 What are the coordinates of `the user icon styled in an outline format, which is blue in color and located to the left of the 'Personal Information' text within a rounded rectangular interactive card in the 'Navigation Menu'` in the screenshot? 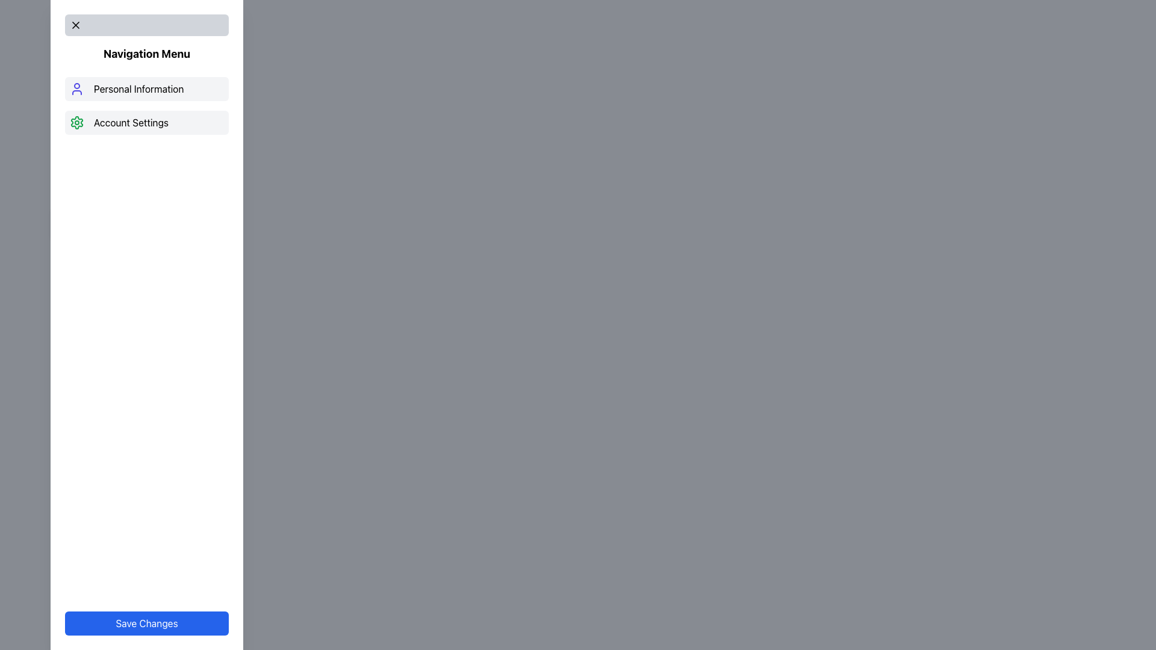 It's located at (76, 88).